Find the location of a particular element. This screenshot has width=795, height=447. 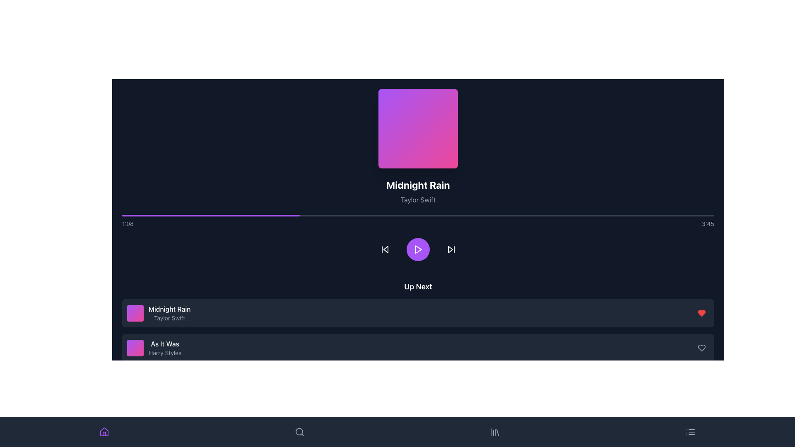

the progress bar is located at coordinates (165, 215).